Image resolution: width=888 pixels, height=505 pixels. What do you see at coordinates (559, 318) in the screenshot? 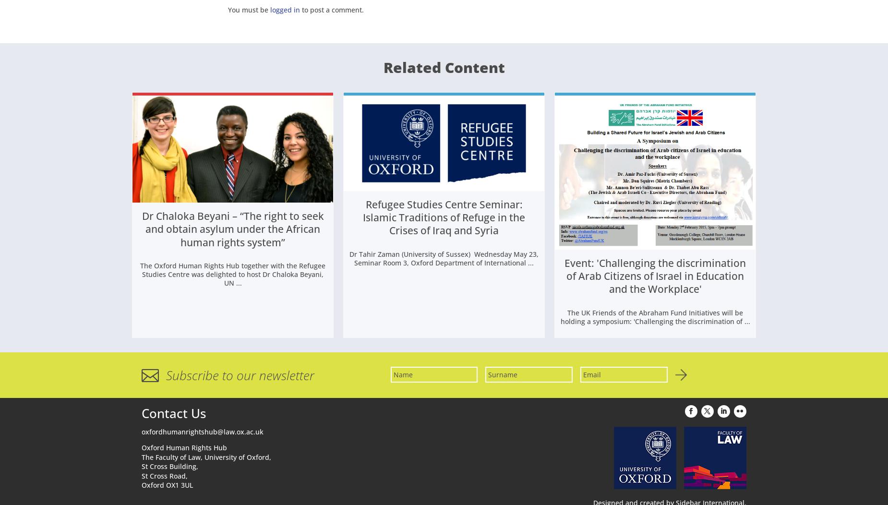
I see `'The UK Friends of the Abraham Fund Initiatives will be holding a symposium:

'Challenging the discrimination of ...'` at bounding box center [559, 318].